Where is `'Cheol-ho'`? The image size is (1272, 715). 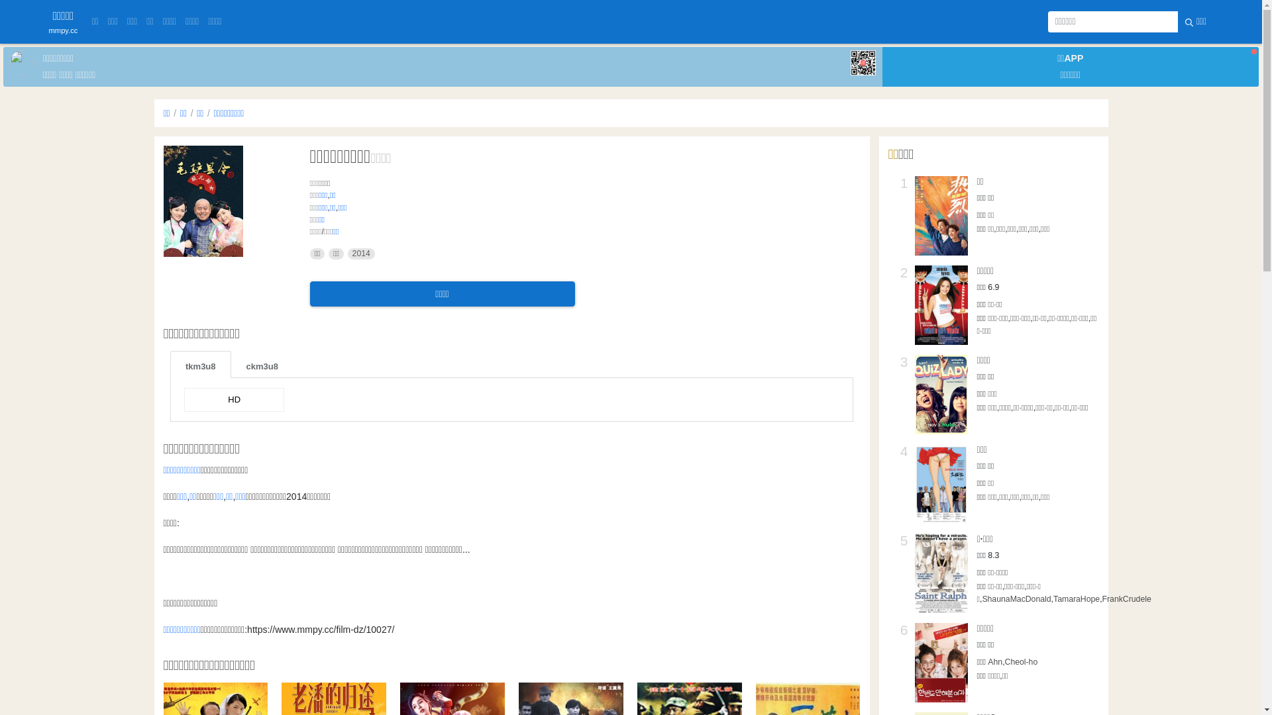
'Cheol-ho' is located at coordinates (1020, 661).